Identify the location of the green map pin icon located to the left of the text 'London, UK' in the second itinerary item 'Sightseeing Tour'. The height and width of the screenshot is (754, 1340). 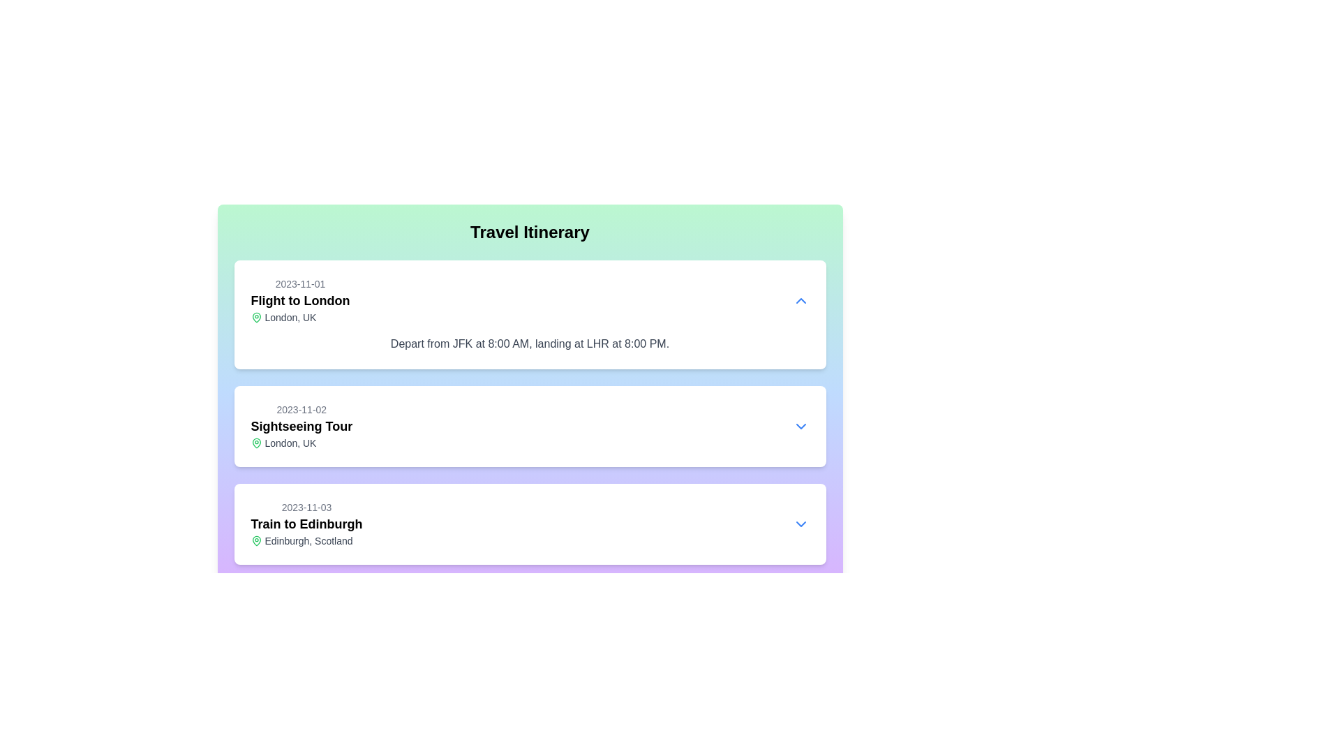
(256, 443).